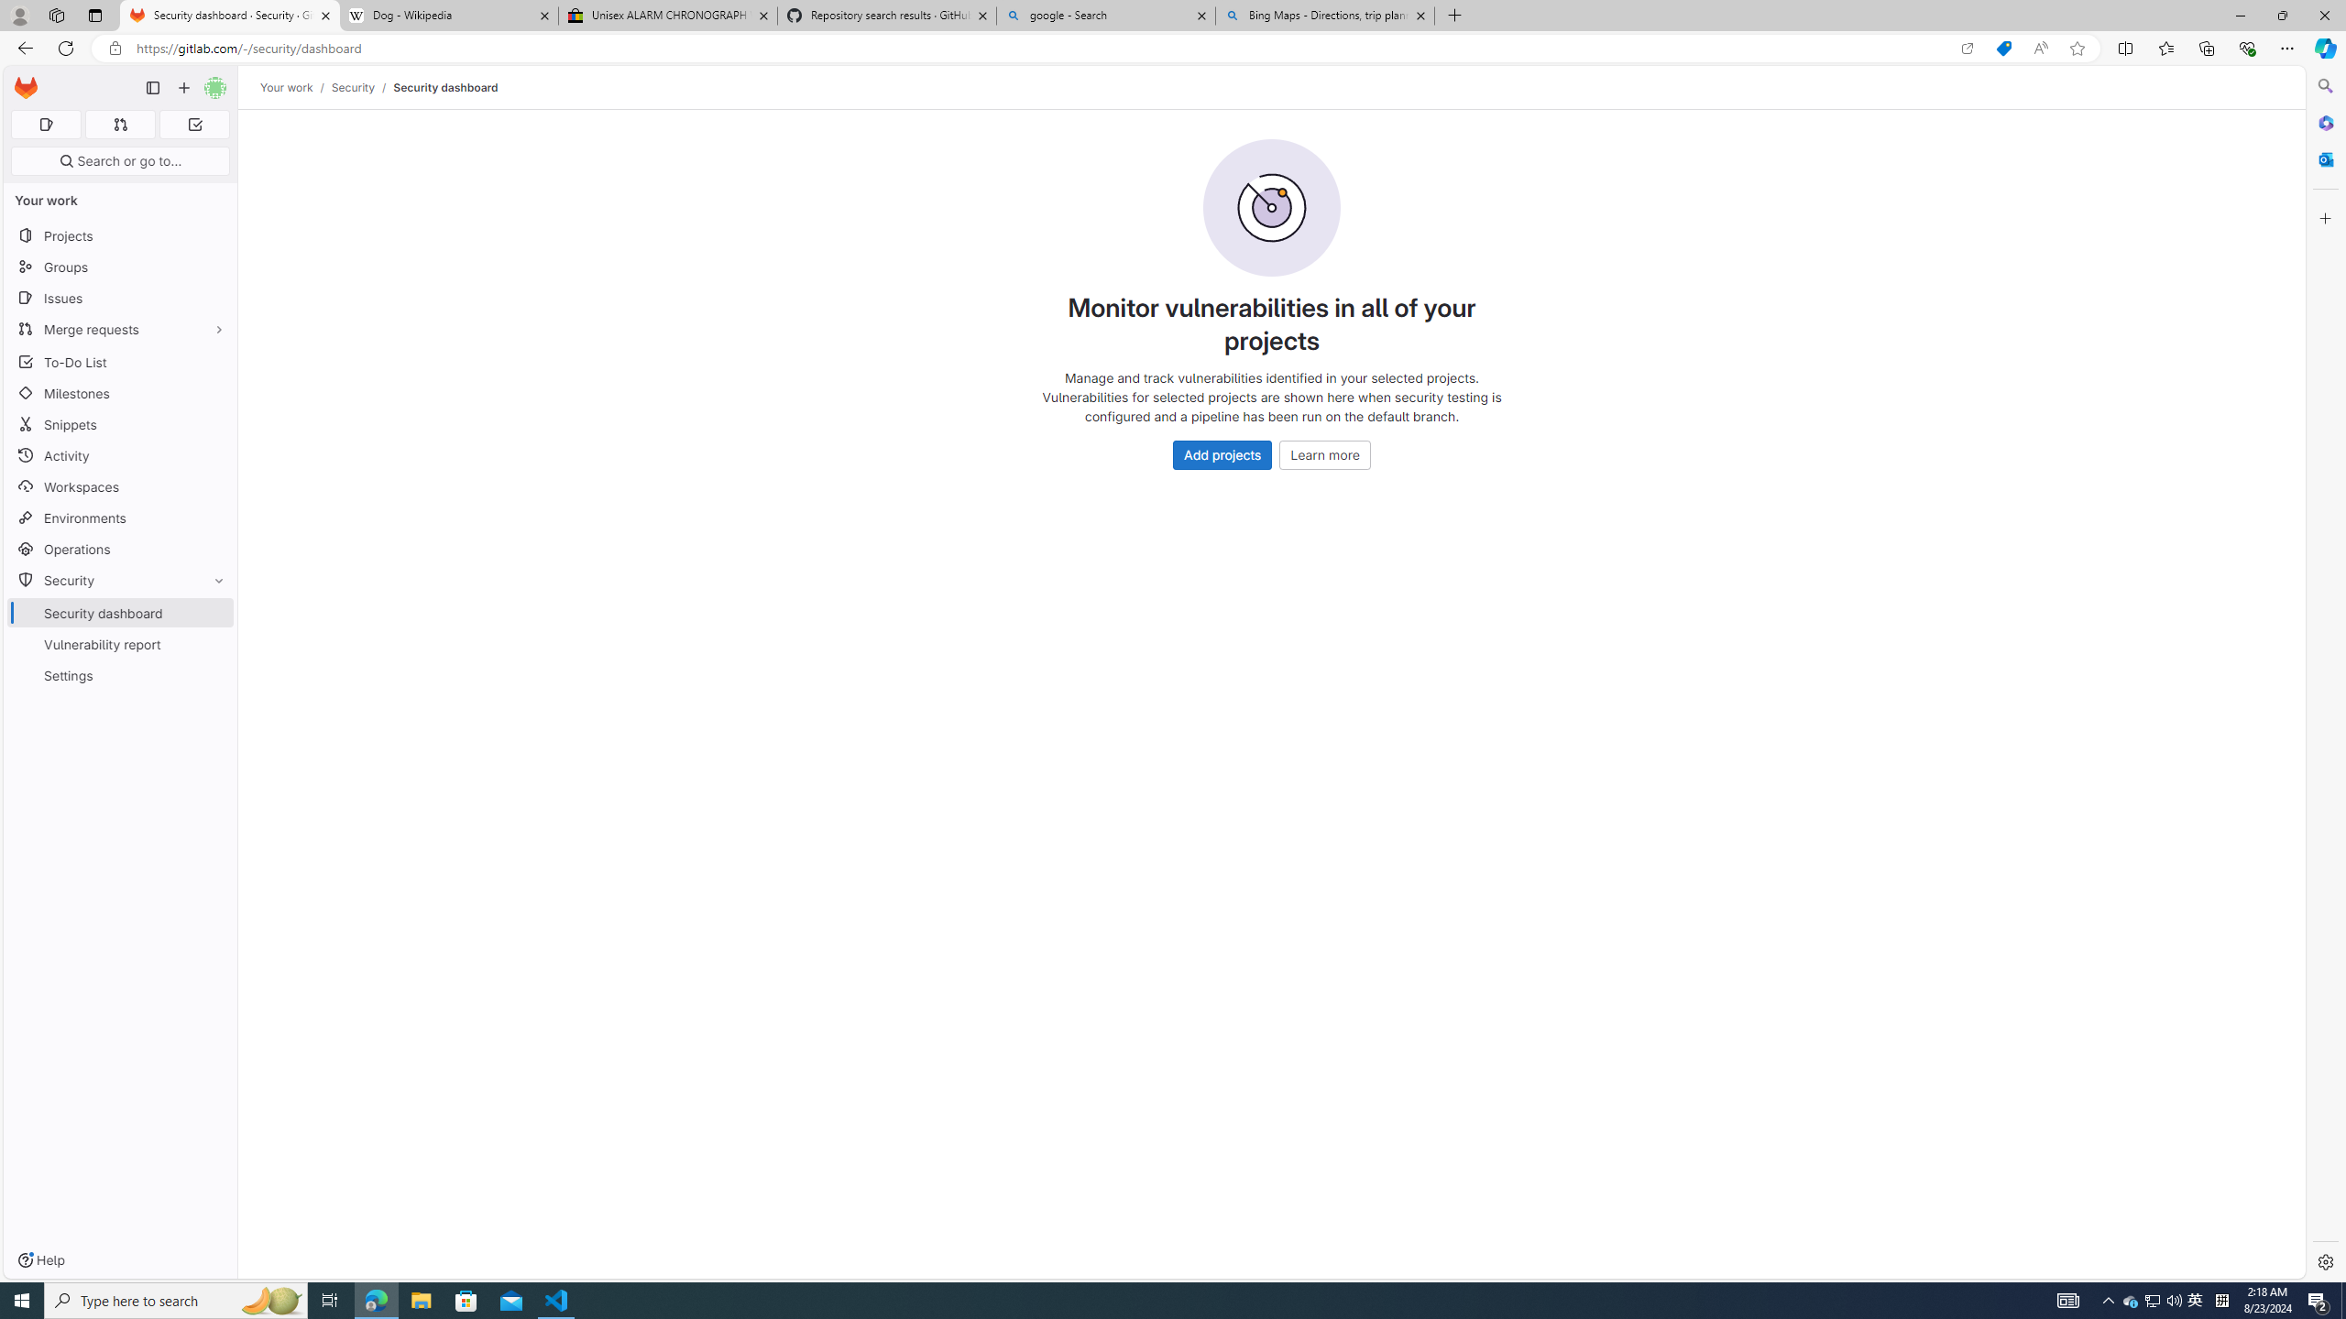  I want to click on 'Vulnerability report', so click(119, 643).